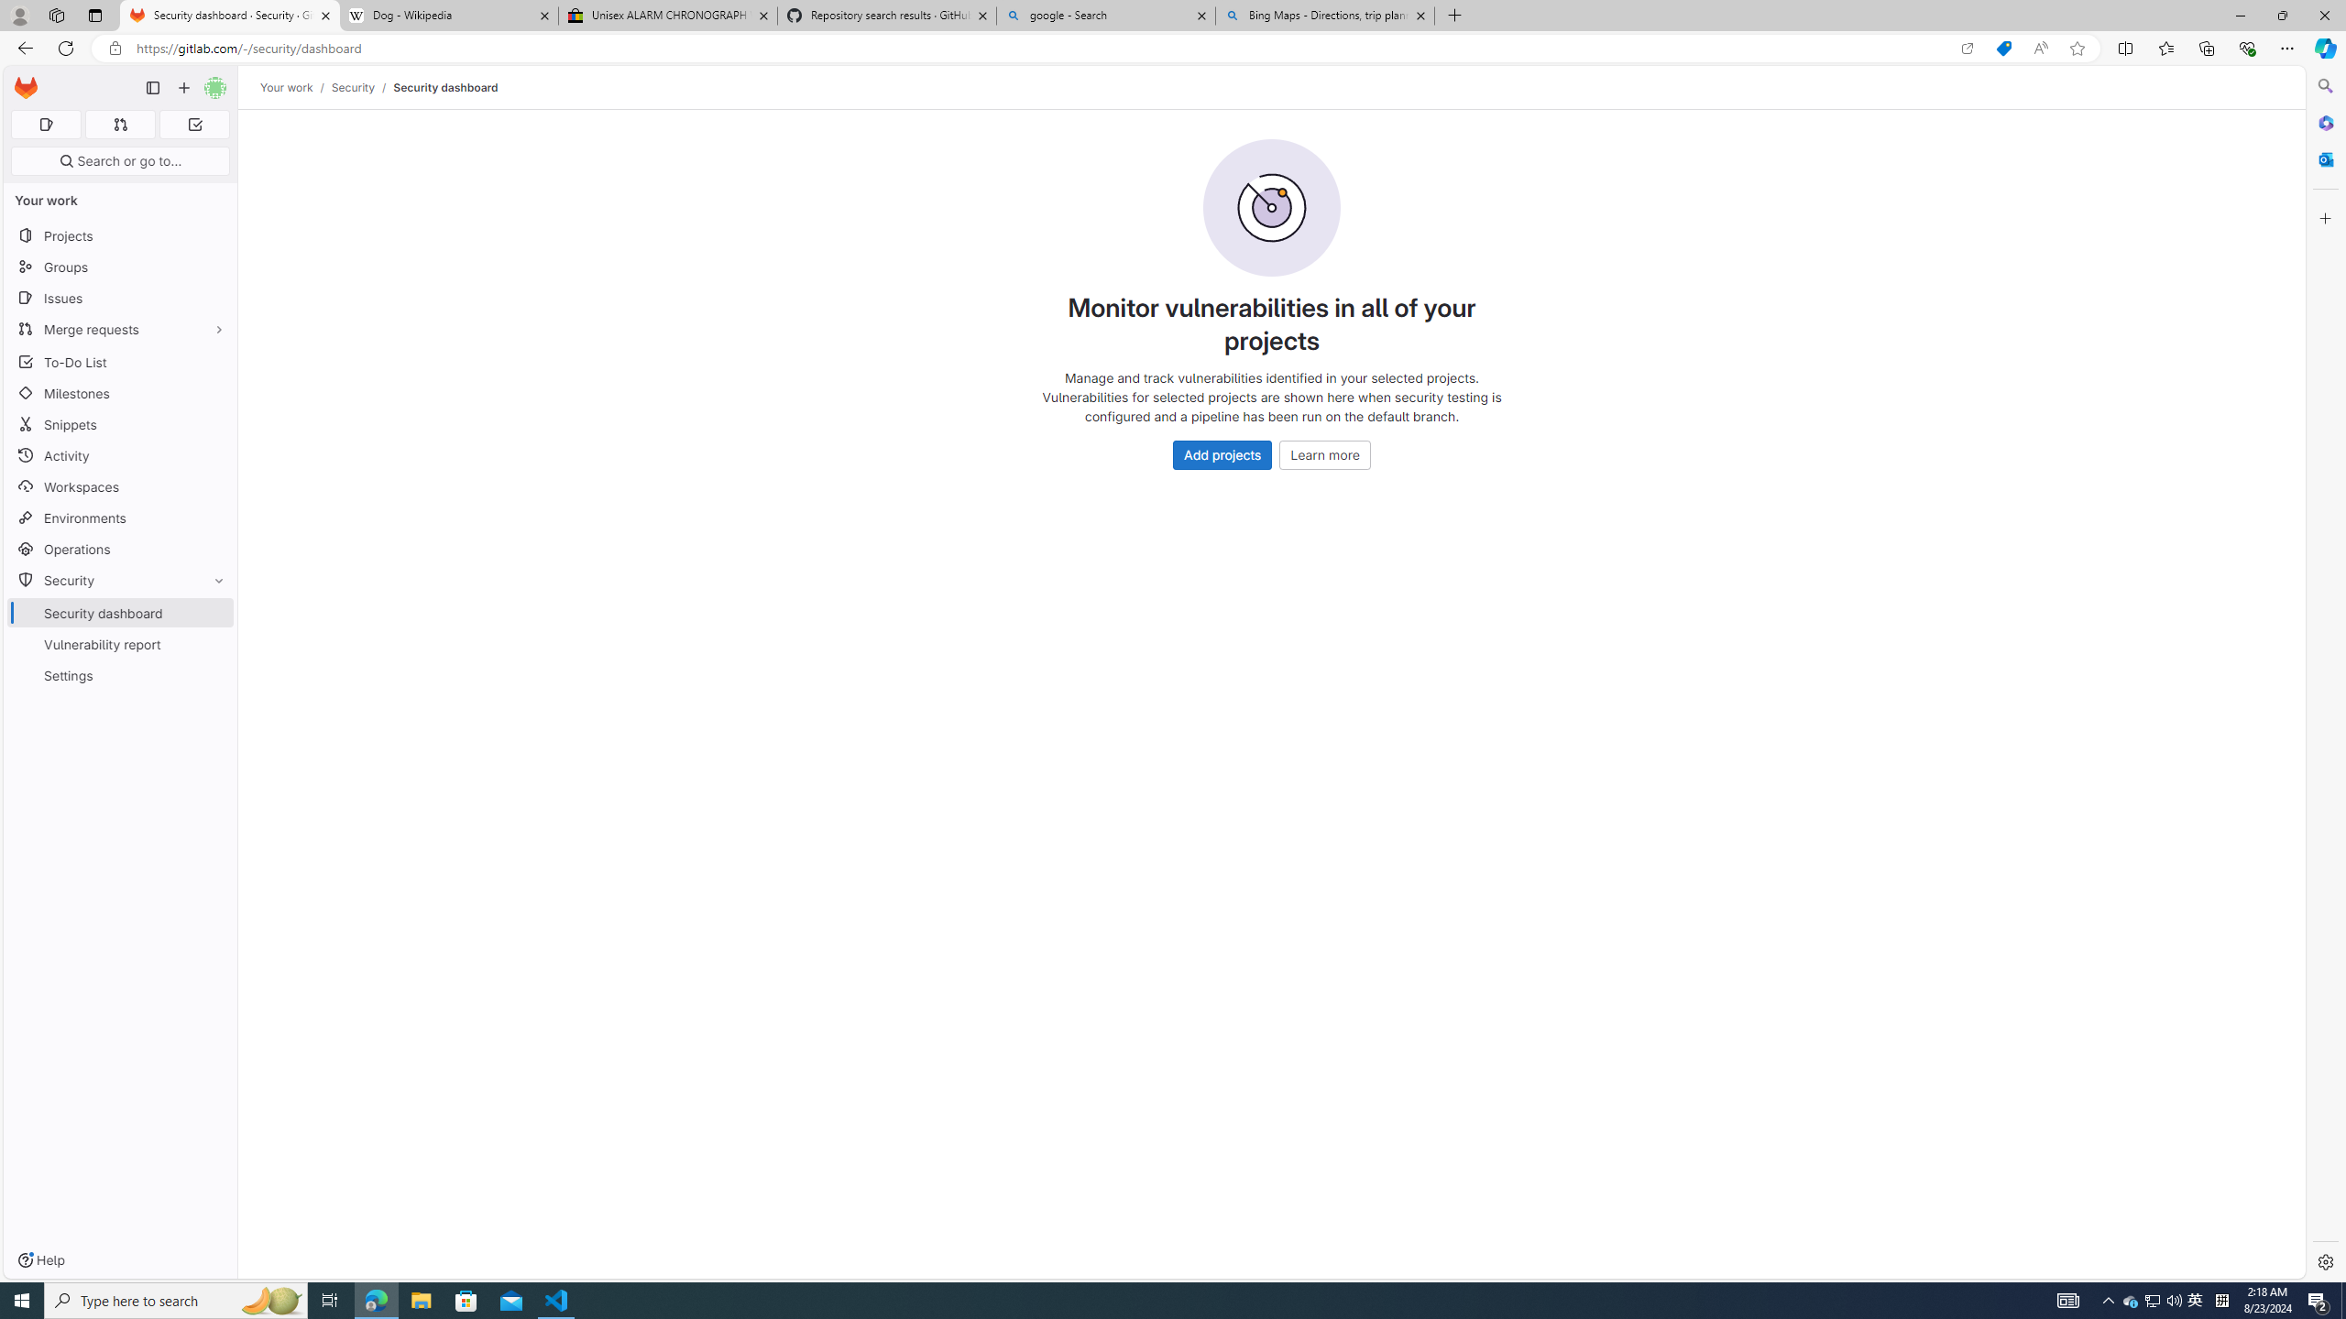  I want to click on 'Vulnerability report', so click(119, 643).